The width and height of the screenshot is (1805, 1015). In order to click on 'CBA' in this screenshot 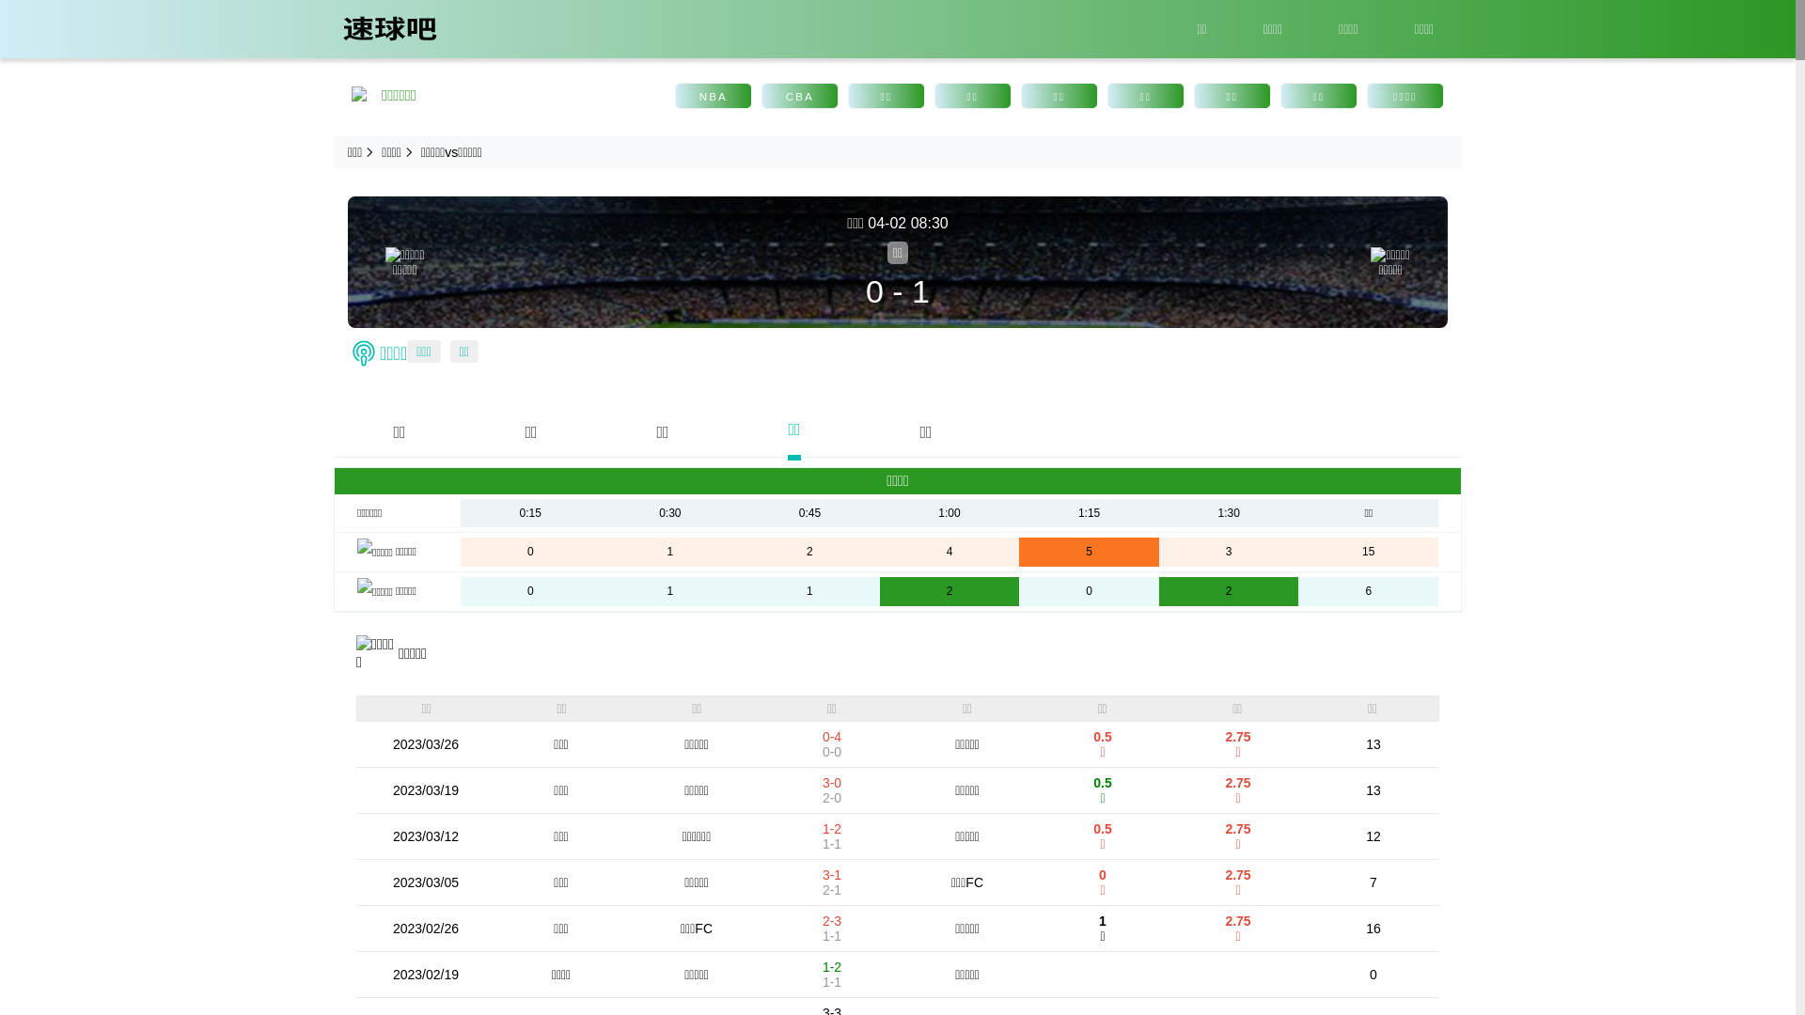, I will do `click(799, 96)`.